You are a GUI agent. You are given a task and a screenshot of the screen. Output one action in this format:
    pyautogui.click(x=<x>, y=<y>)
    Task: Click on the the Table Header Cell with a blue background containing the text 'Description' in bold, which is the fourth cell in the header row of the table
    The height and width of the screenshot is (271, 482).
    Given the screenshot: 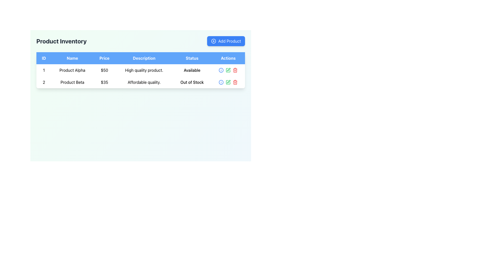 What is the action you would take?
    pyautogui.click(x=144, y=58)
    